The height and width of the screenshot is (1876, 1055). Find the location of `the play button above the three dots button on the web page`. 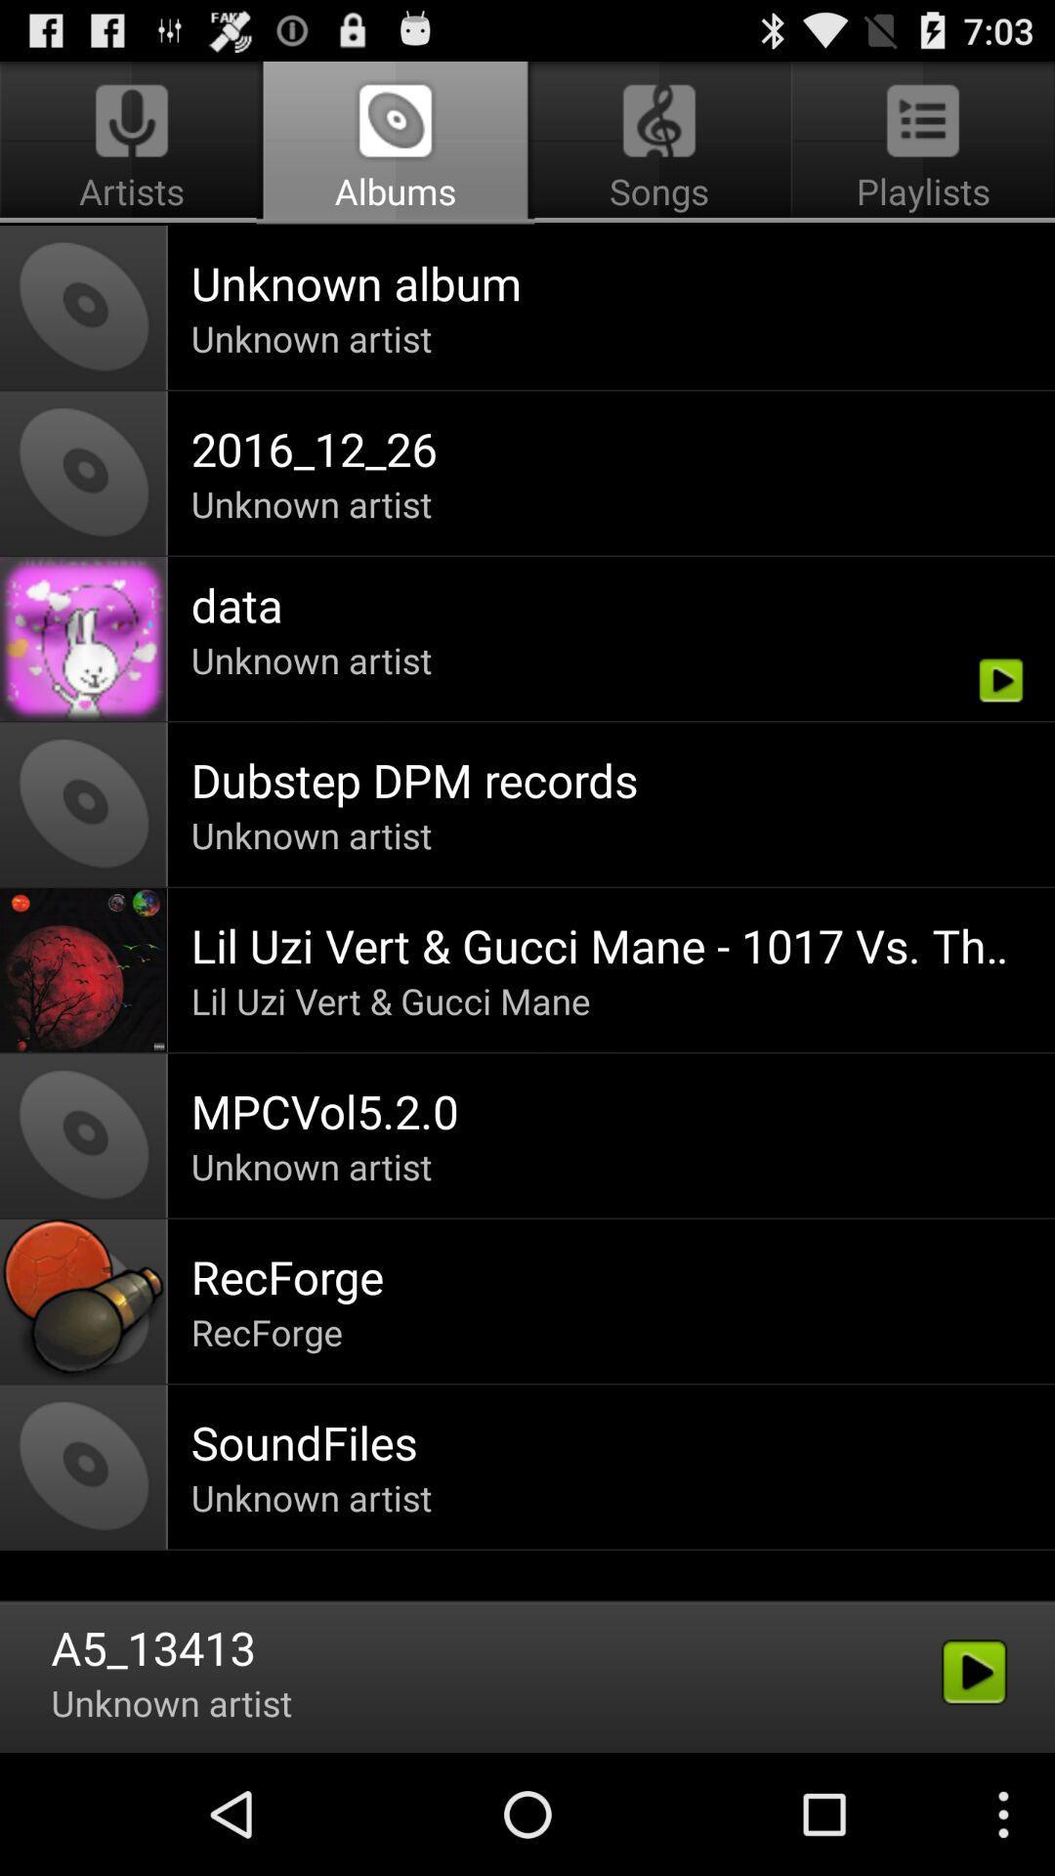

the play button above the three dots button on the web page is located at coordinates (975, 1672).